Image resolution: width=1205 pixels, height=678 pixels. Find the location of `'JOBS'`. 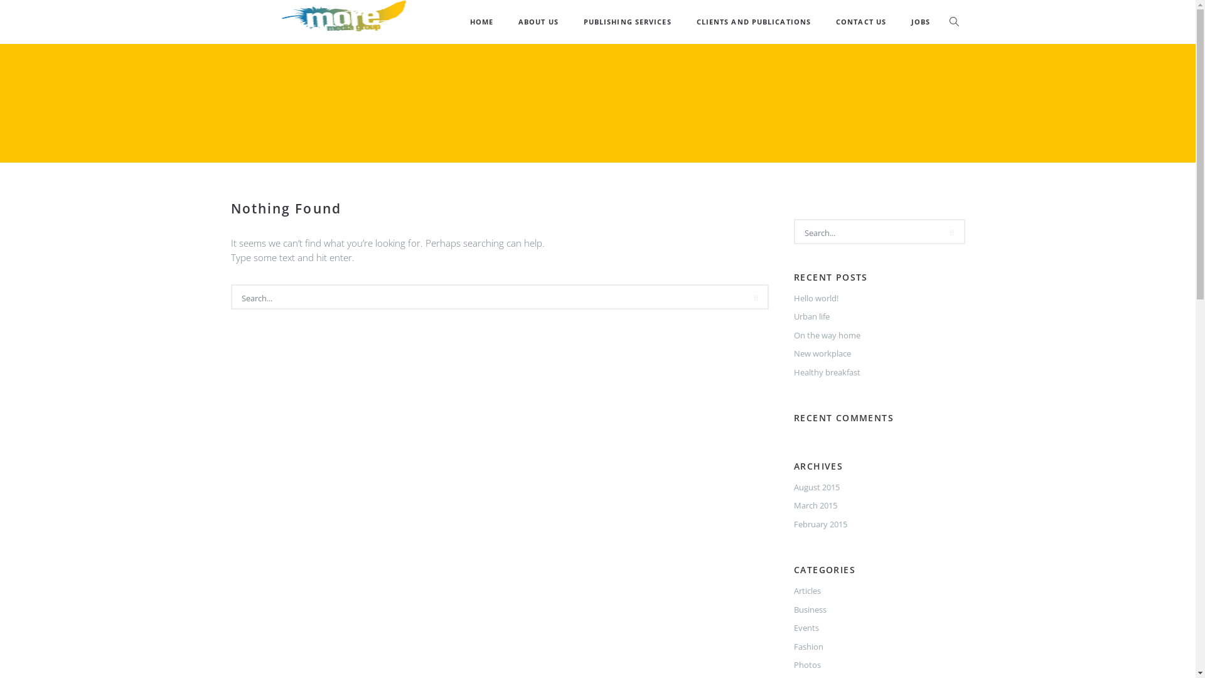

'JOBS' is located at coordinates (921, 21).